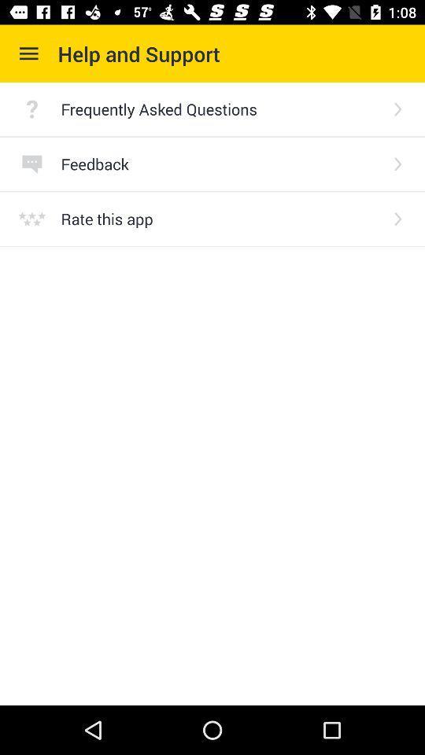 The height and width of the screenshot is (755, 425). What do you see at coordinates (220, 218) in the screenshot?
I see `the rate this app item` at bounding box center [220, 218].